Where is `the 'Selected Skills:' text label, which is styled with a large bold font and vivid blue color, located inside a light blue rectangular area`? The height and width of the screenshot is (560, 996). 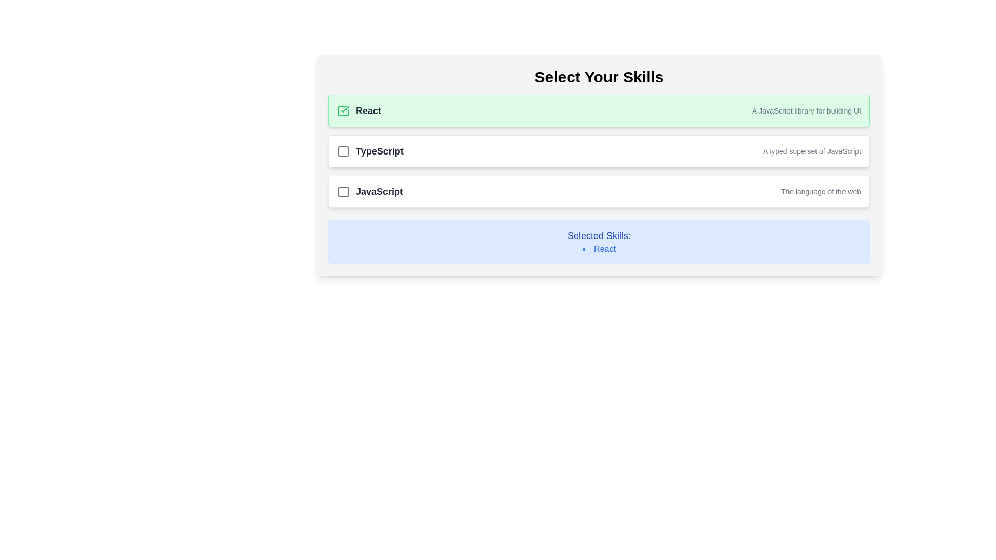
the 'Selected Skills:' text label, which is styled with a large bold font and vivid blue color, located inside a light blue rectangular area is located at coordinates (599, 236).